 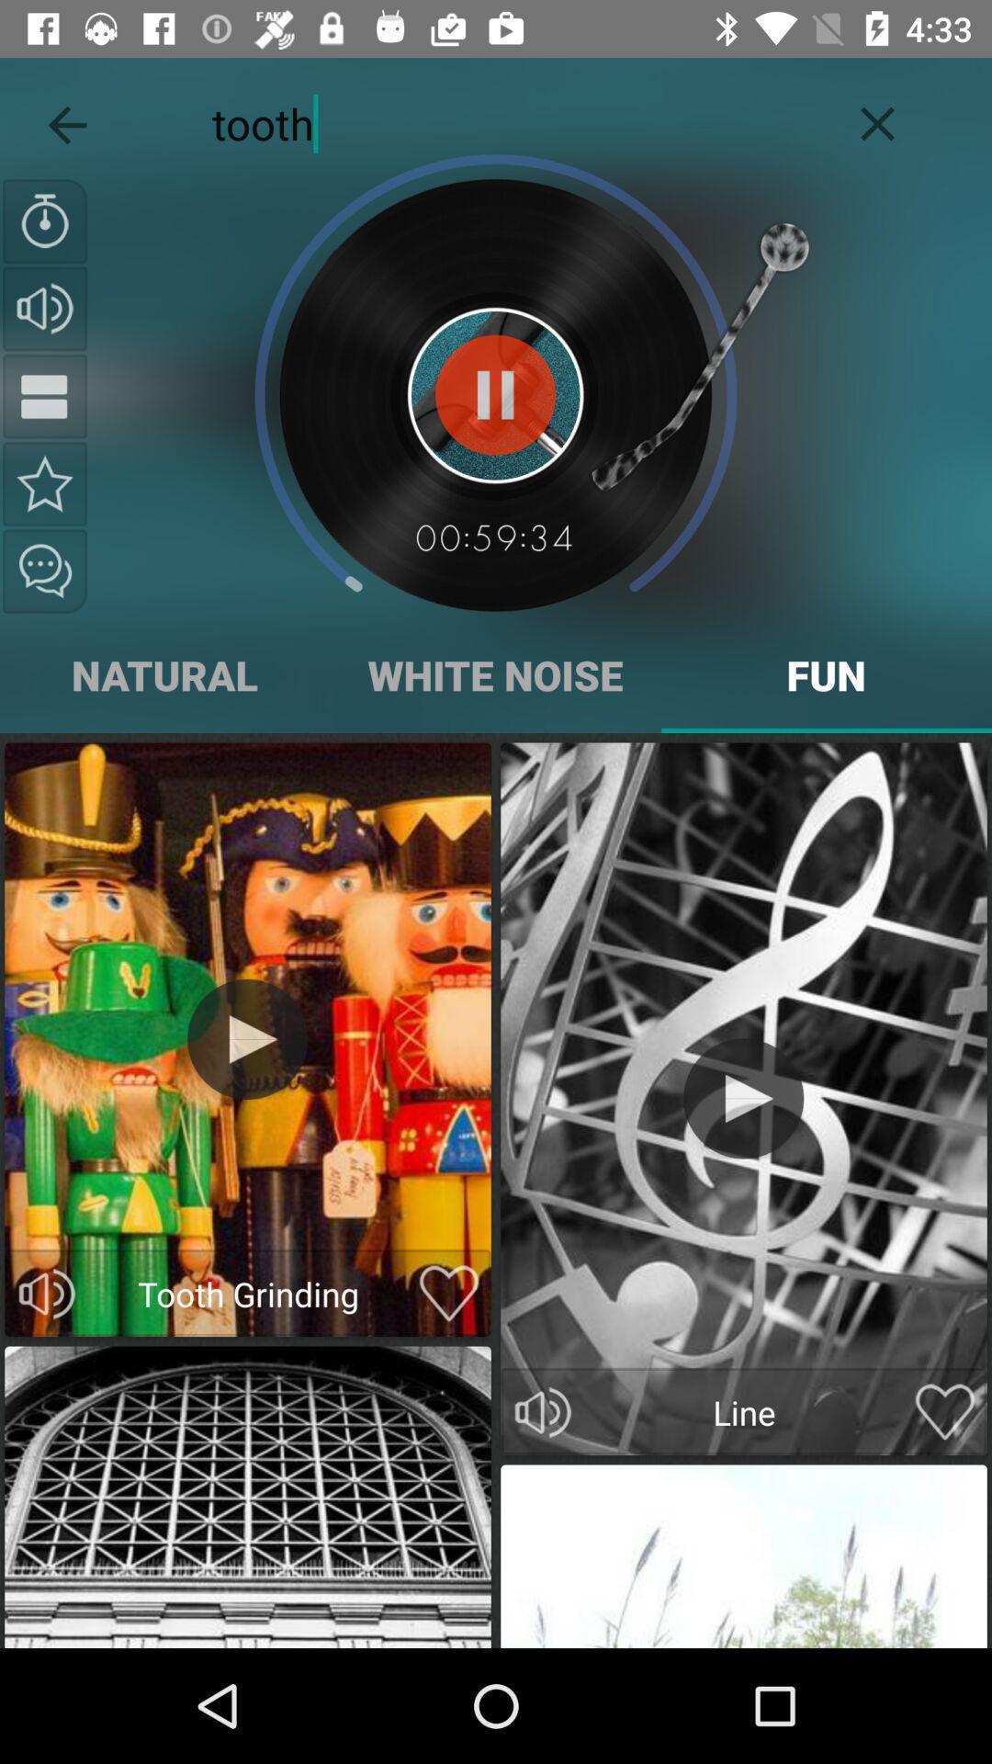 What do you see at coordinates (44, 571) in the screenshot?
I see `the chat icon` at bounding box center [44, 571].